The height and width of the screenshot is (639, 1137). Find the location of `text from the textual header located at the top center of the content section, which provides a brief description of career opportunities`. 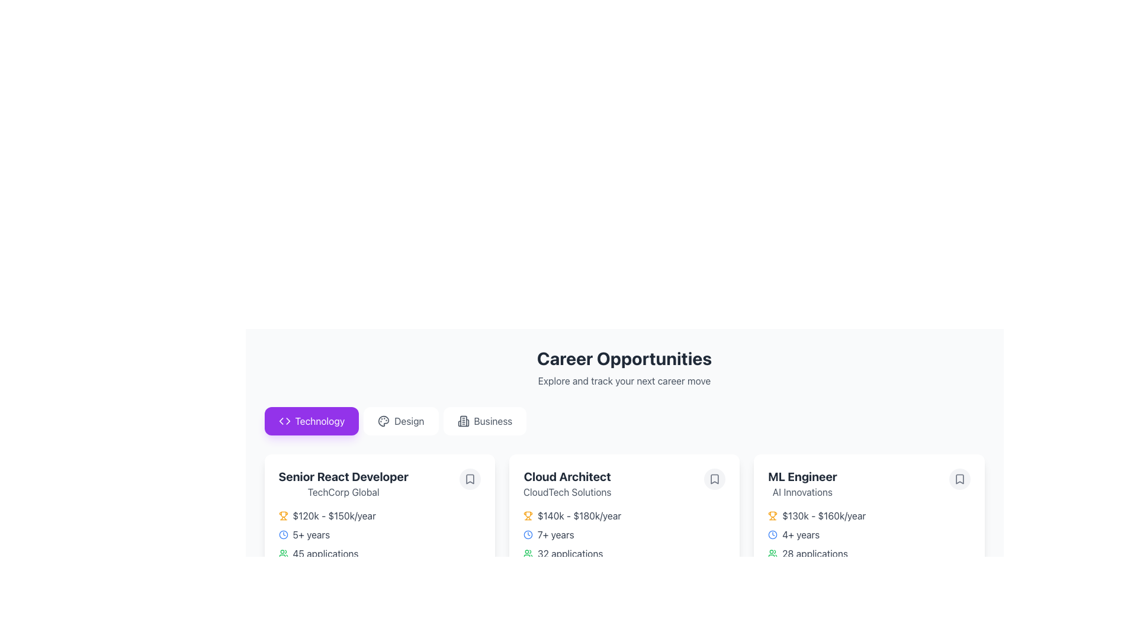

text from the textual header located at the top center of the content section, which provides a brief description of career opportunities is located at coordinates (624, 367).